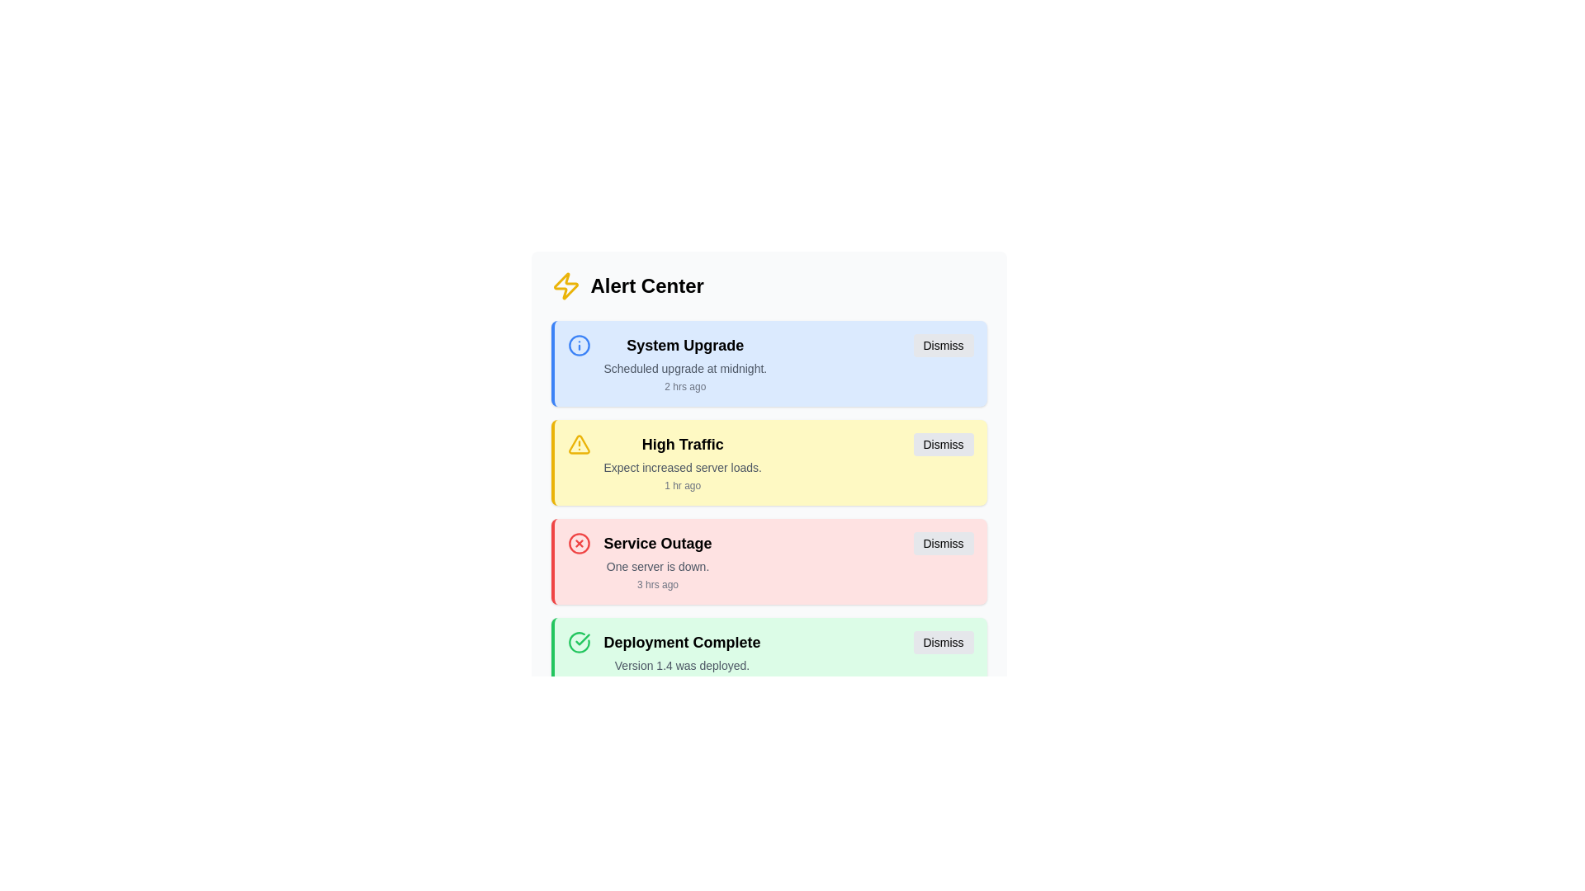 The width and height of the screenshot is (1585, 891). Describe the element at coordinates (579, 444) in the screenshot. I see `the triangle icon with rounded edges, styled with a yellow border and a yellow alert mark inside, located within the 'High Traffic' notification card in the second row of the alert list` at that location.